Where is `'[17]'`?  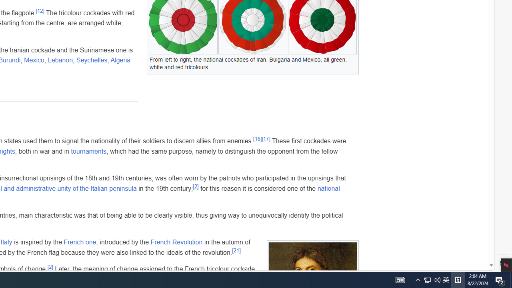 '[17]' is located at coordinates (266, 138).